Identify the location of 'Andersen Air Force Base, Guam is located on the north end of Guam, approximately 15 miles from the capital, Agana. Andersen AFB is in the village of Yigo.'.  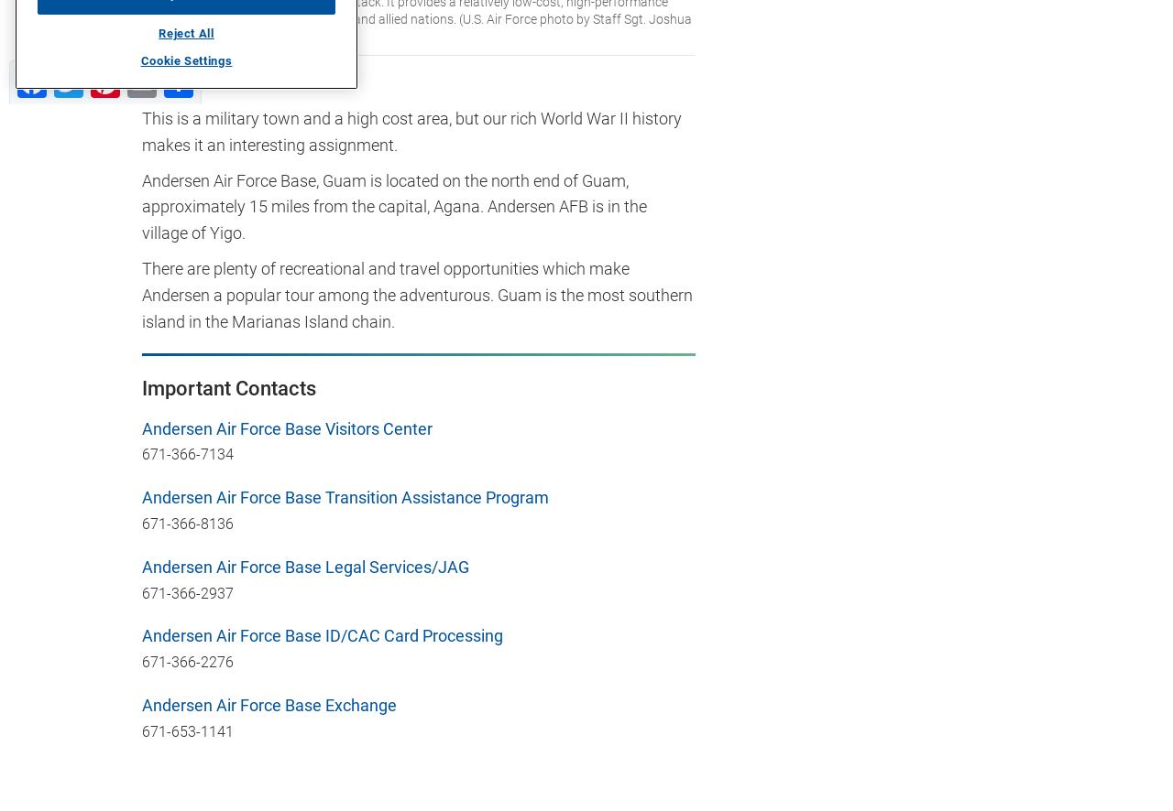
(141, 205).